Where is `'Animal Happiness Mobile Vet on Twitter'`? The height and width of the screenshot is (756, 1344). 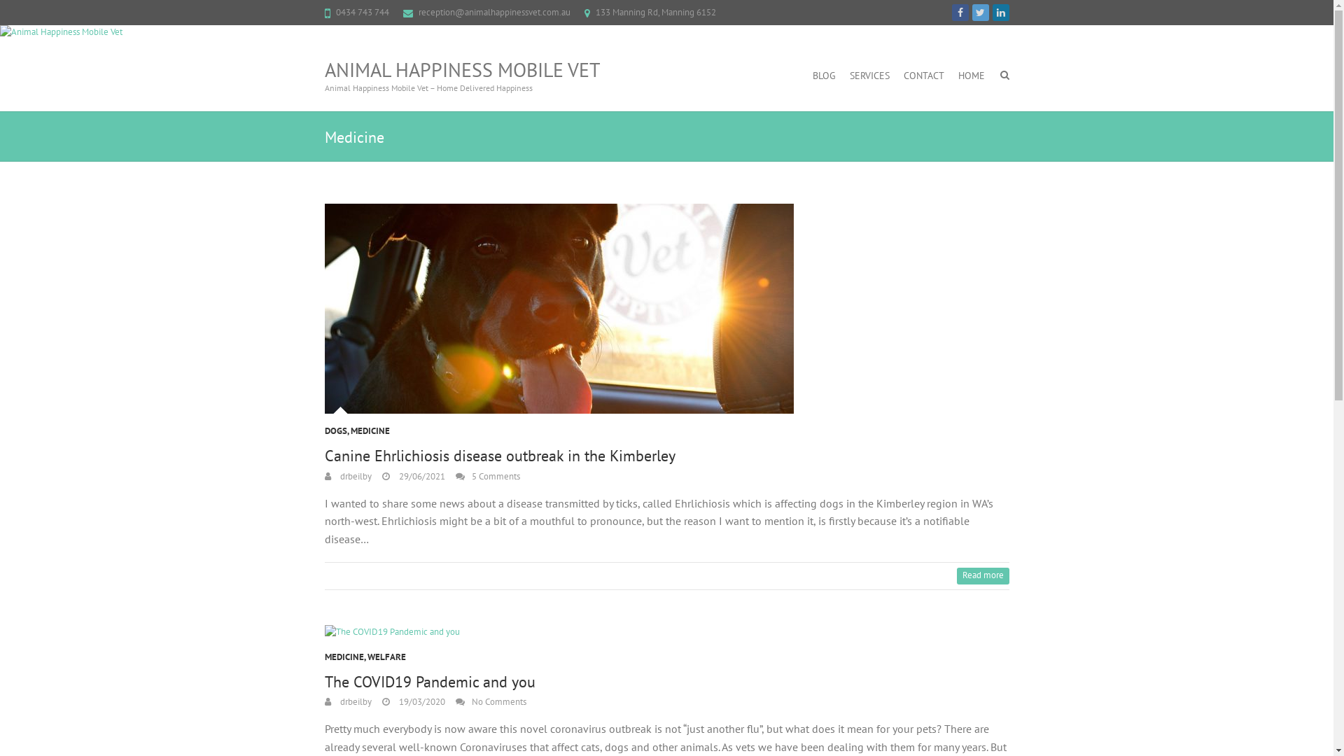 'Animal Happiness Mobile Vet on Twitter' is located at coordinates (979, 13).